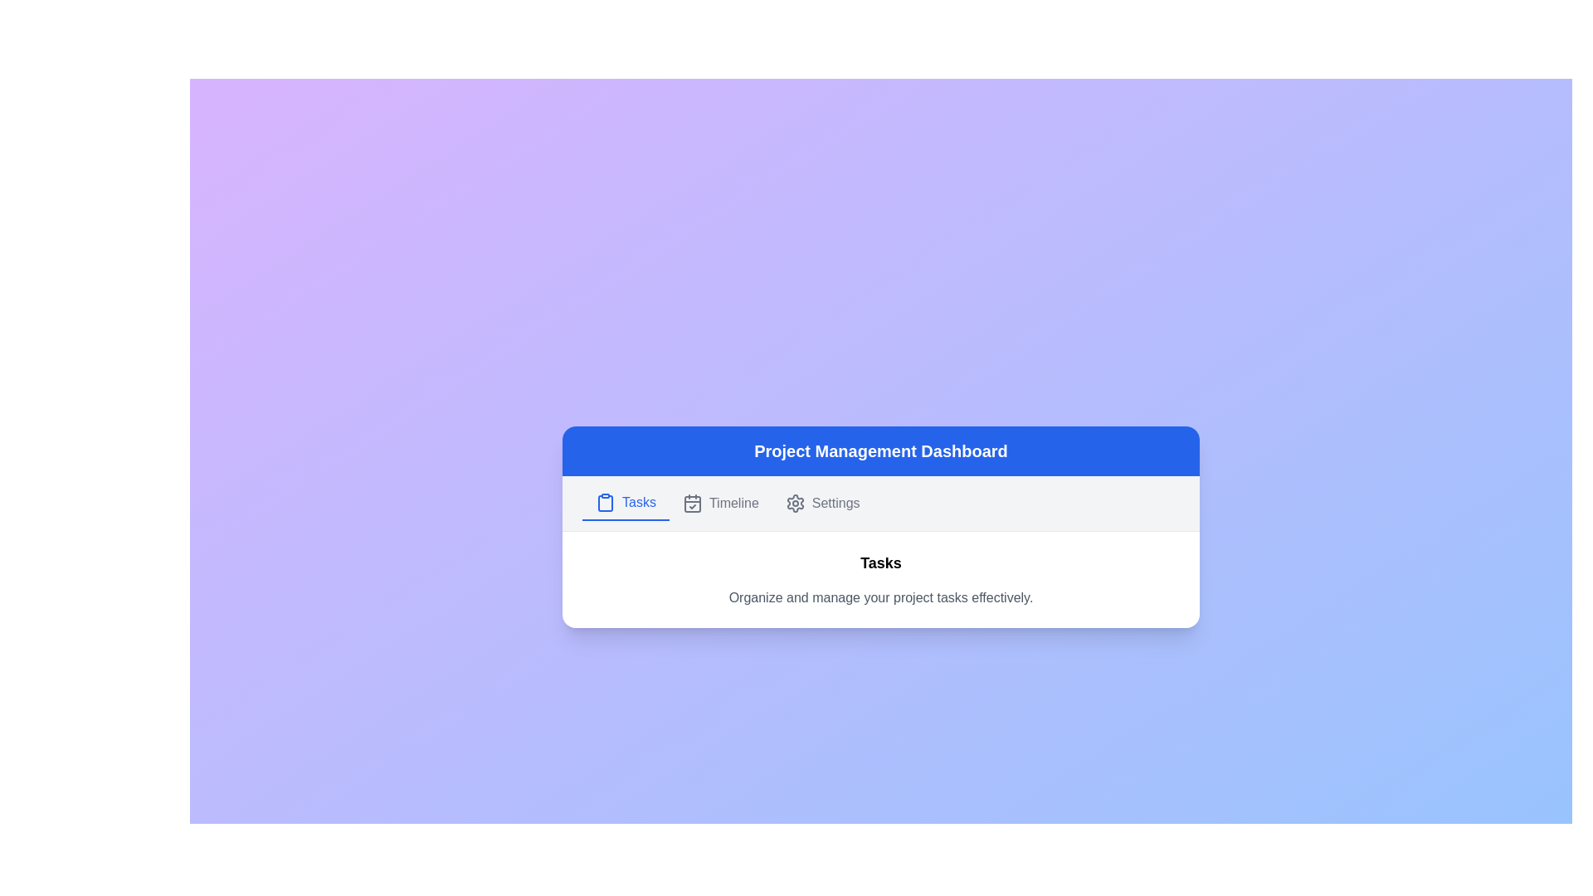 This screenshot has width=1593, height=896. Describe the element at coordinates (720, 501) in the screenshot. I see `the Timeline tab by clicking on its label` at that location.